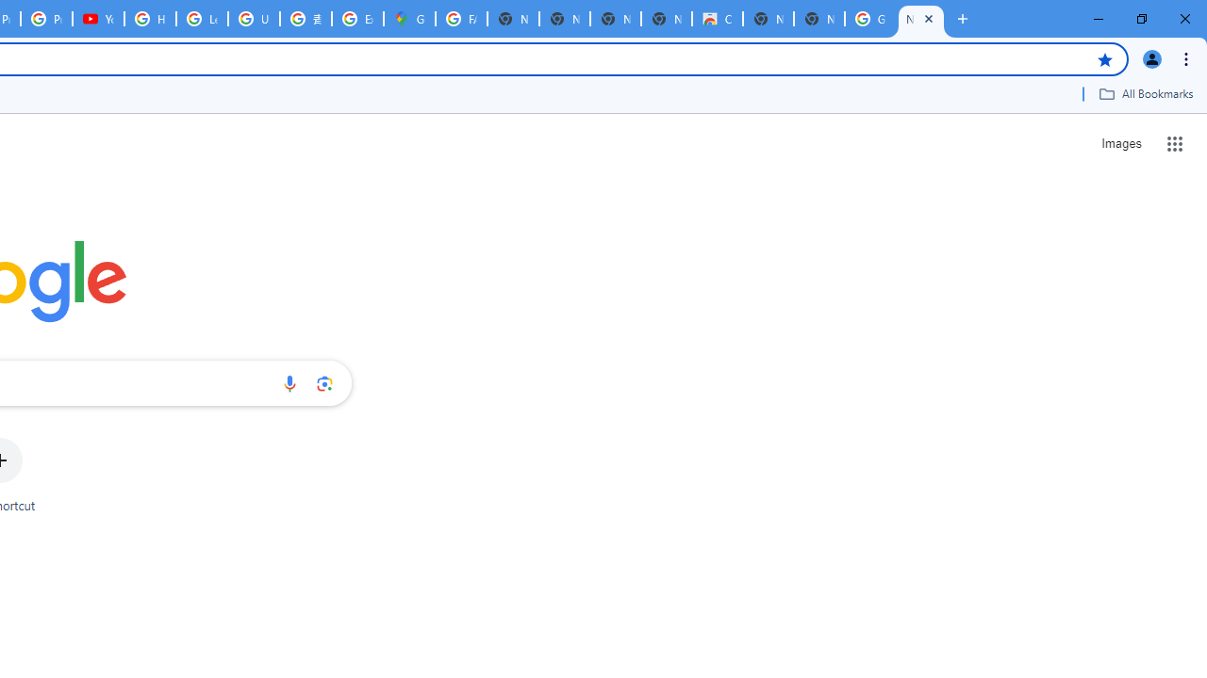  What do you see at coordinates (716, 19) in the screenshot?
I see `'Chrome Web Store'` at bounding box center [716, 19].